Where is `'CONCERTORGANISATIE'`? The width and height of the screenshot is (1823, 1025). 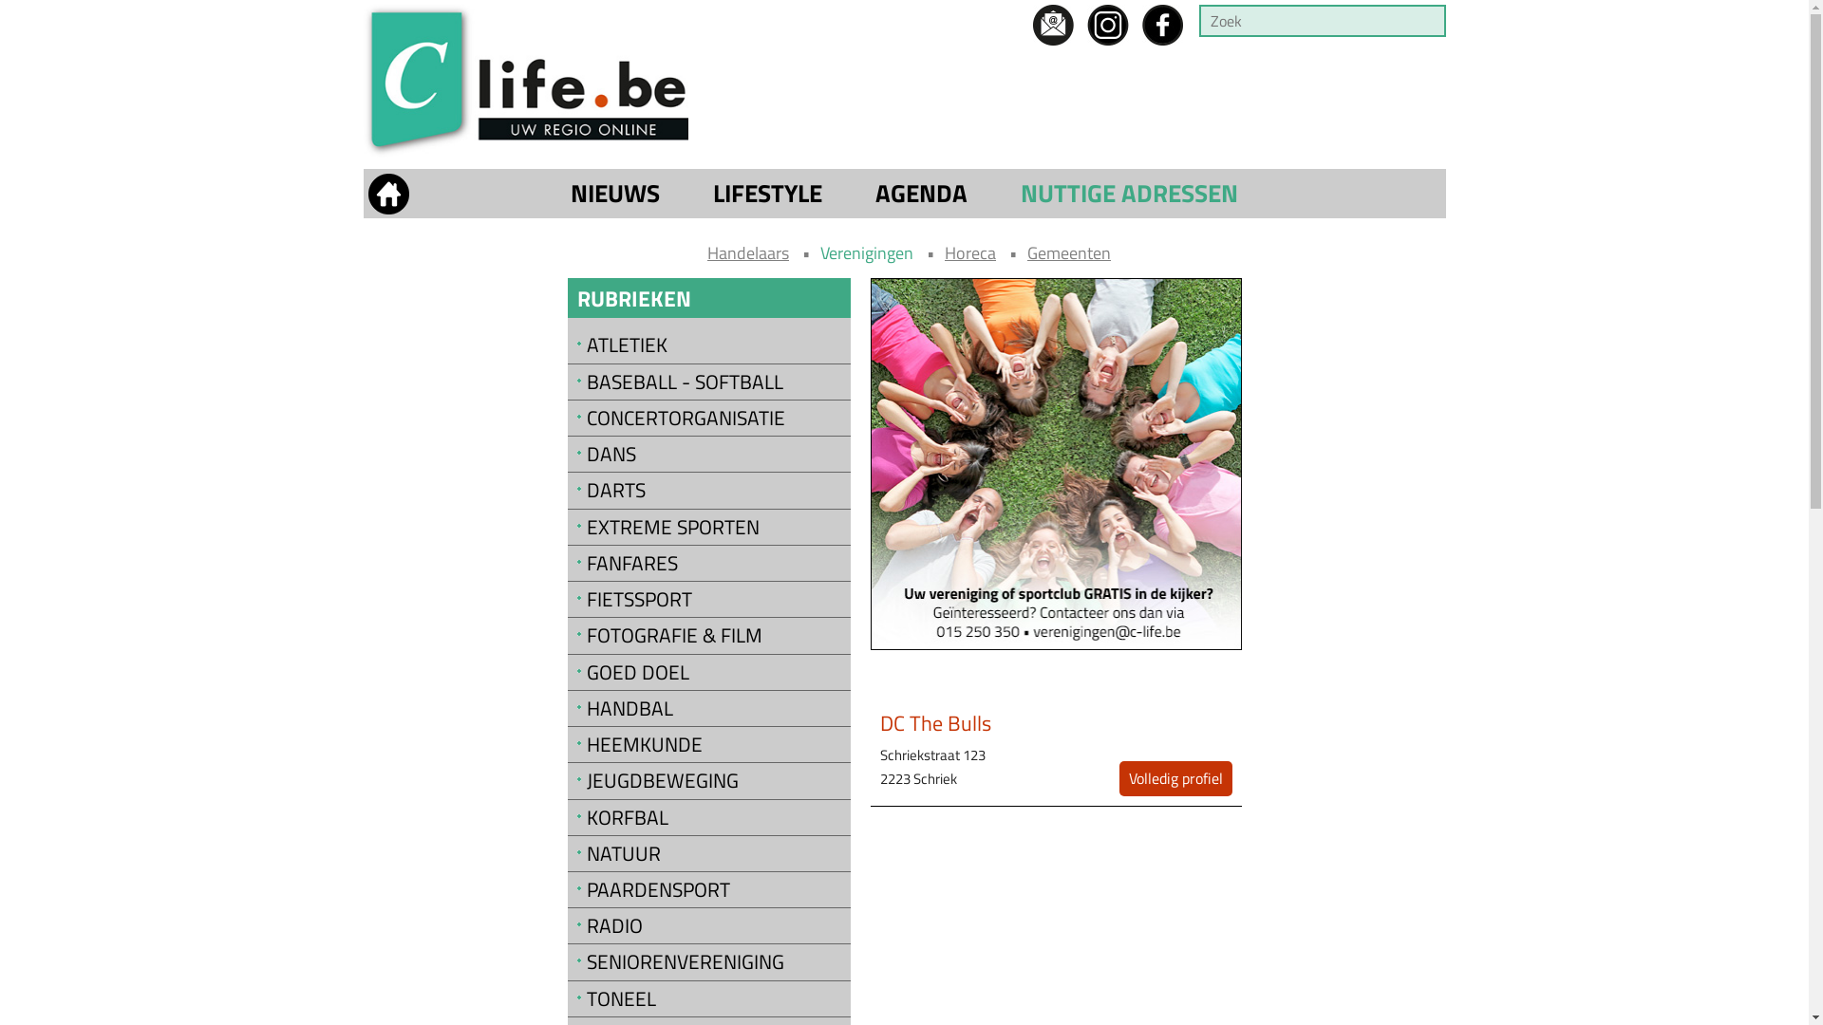 'CONCERTORGANISATIE' is located at coordinates (576, 417).